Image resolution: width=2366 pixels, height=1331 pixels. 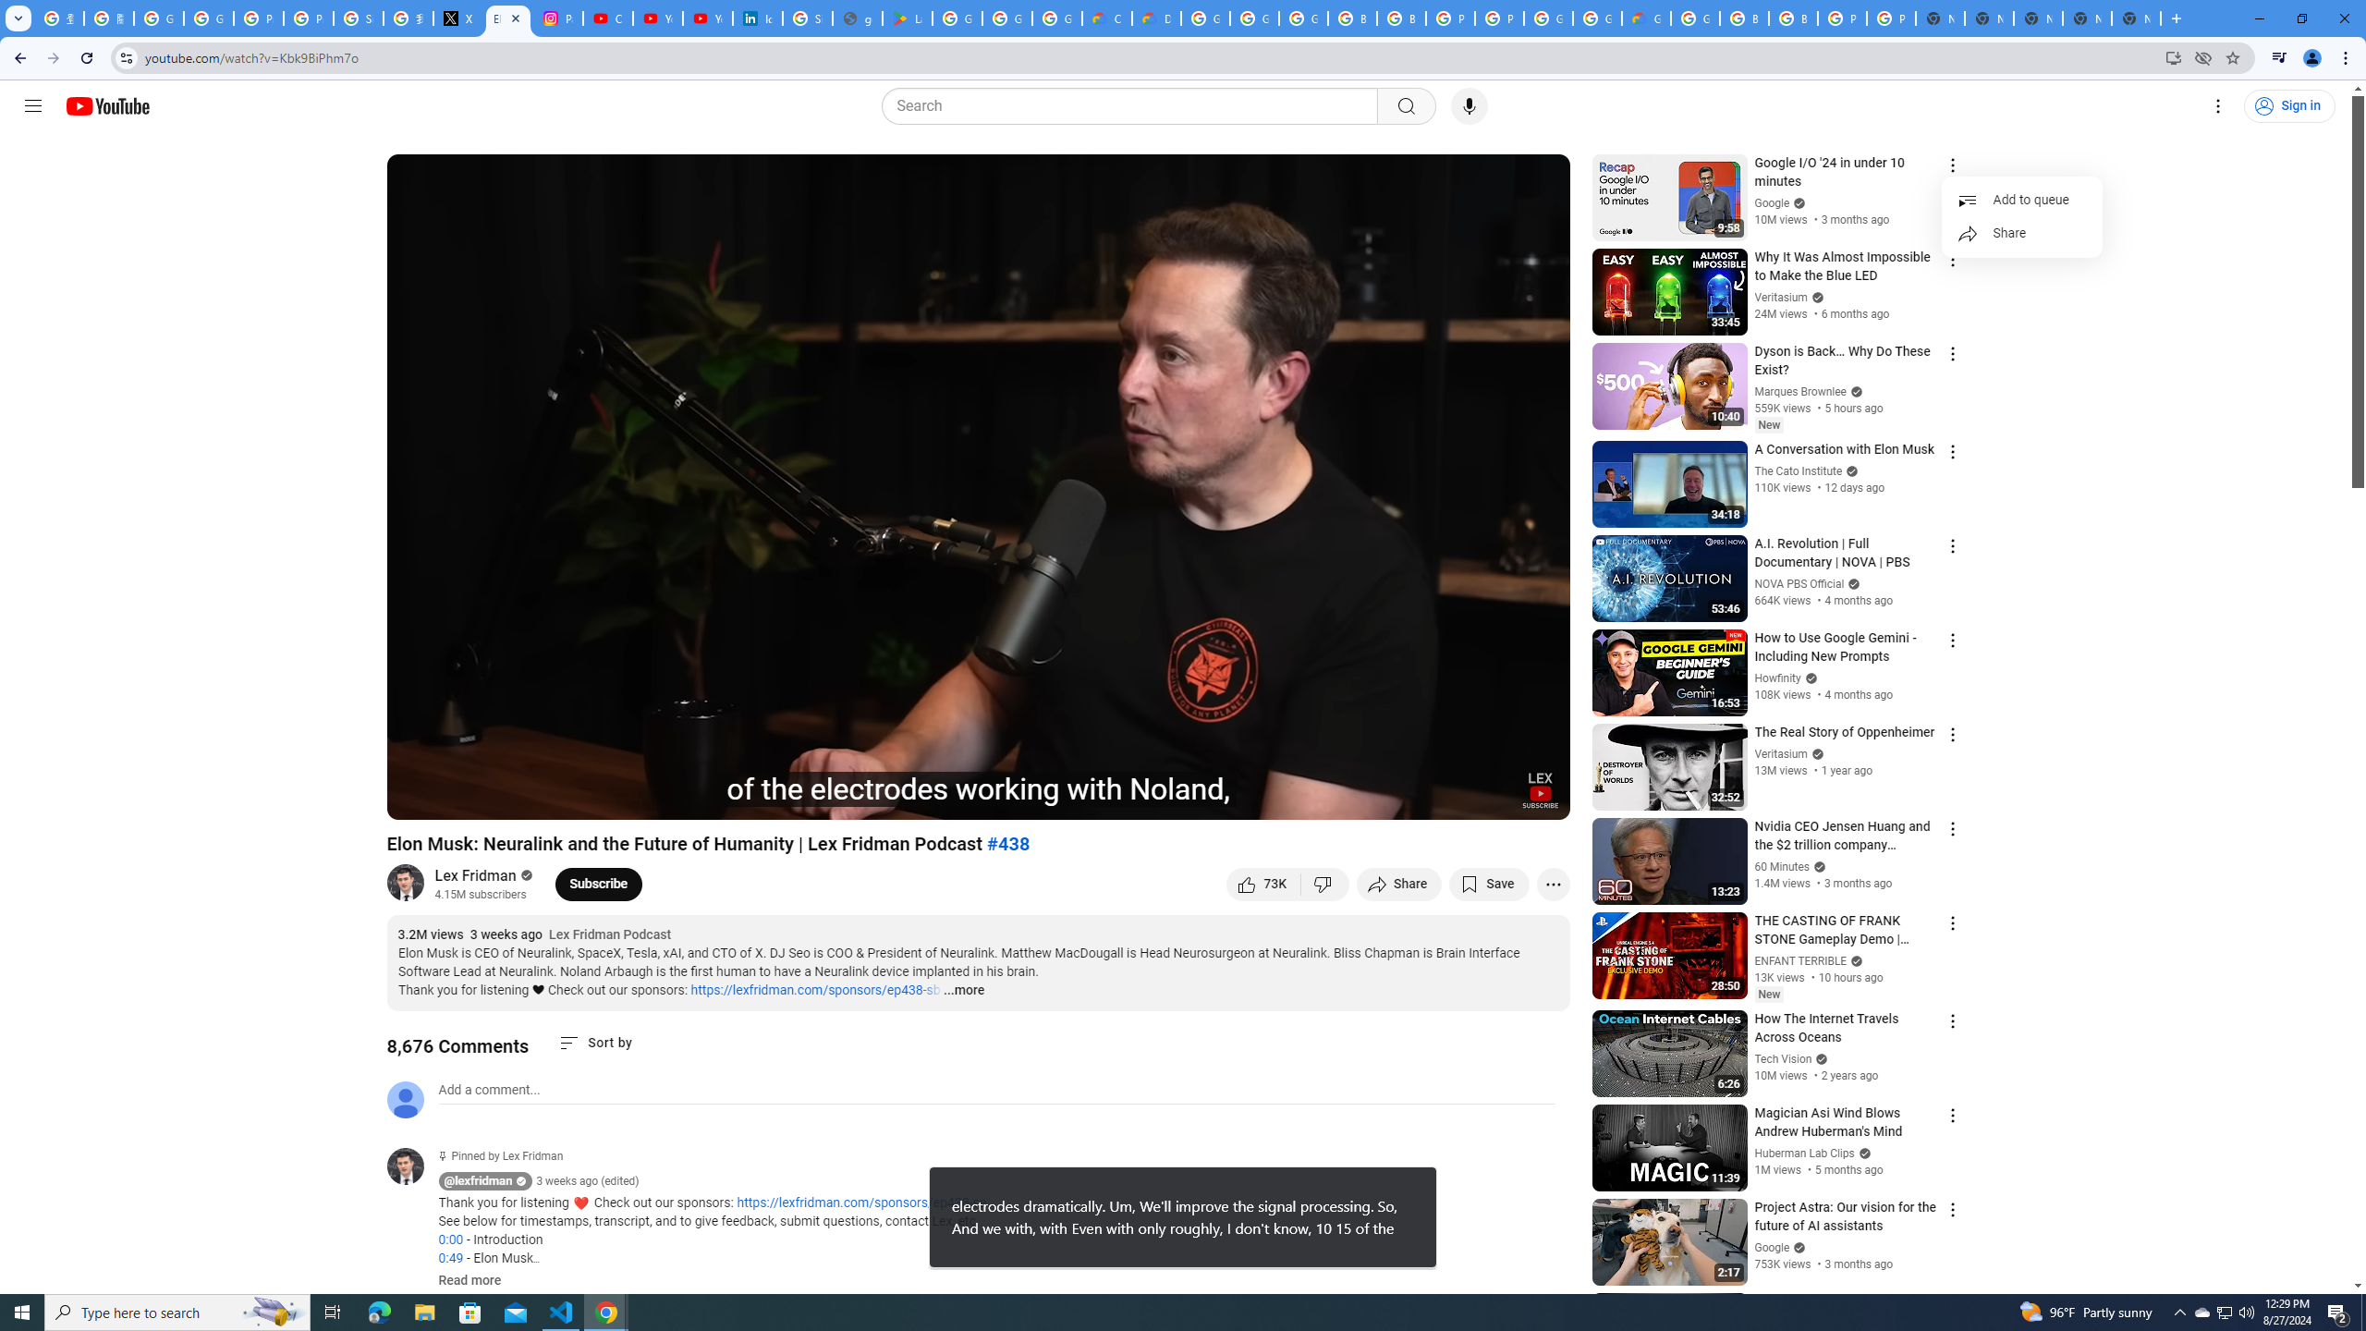 I want to click on 'Search with your voice', so click(x=1469, y=105).